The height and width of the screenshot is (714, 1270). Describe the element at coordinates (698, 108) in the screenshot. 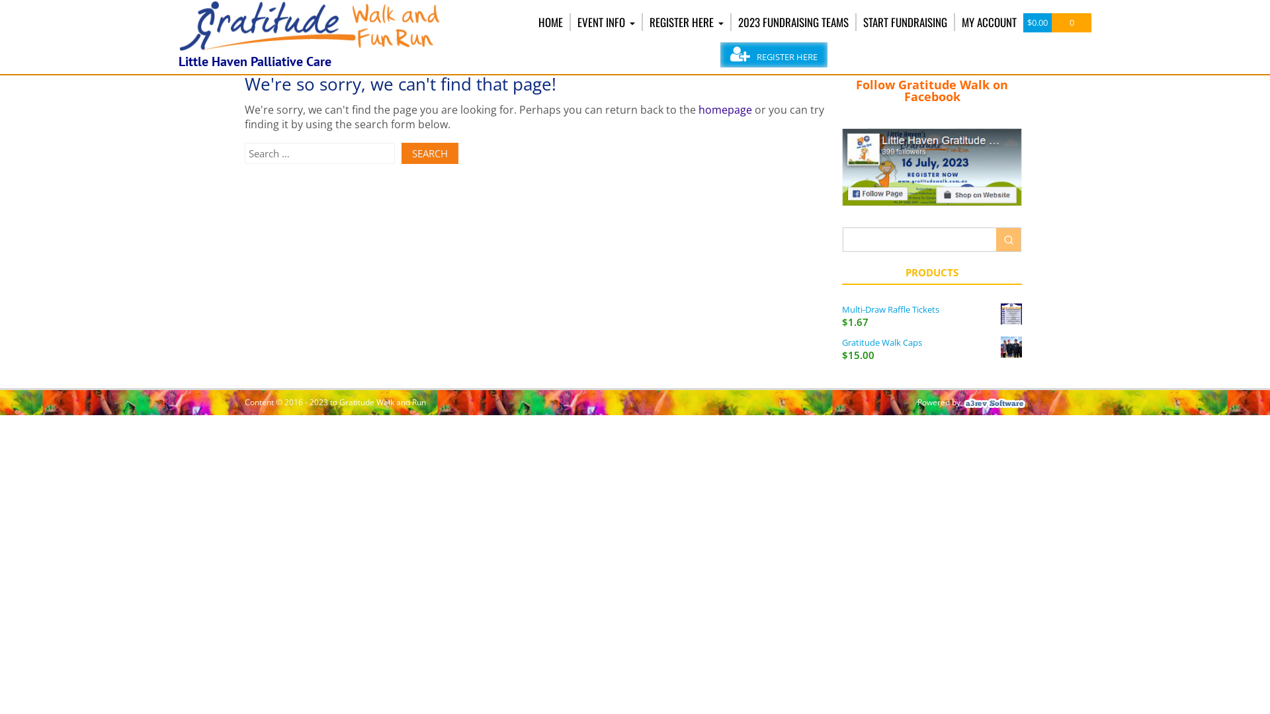

I see `'homepage'` at that location.